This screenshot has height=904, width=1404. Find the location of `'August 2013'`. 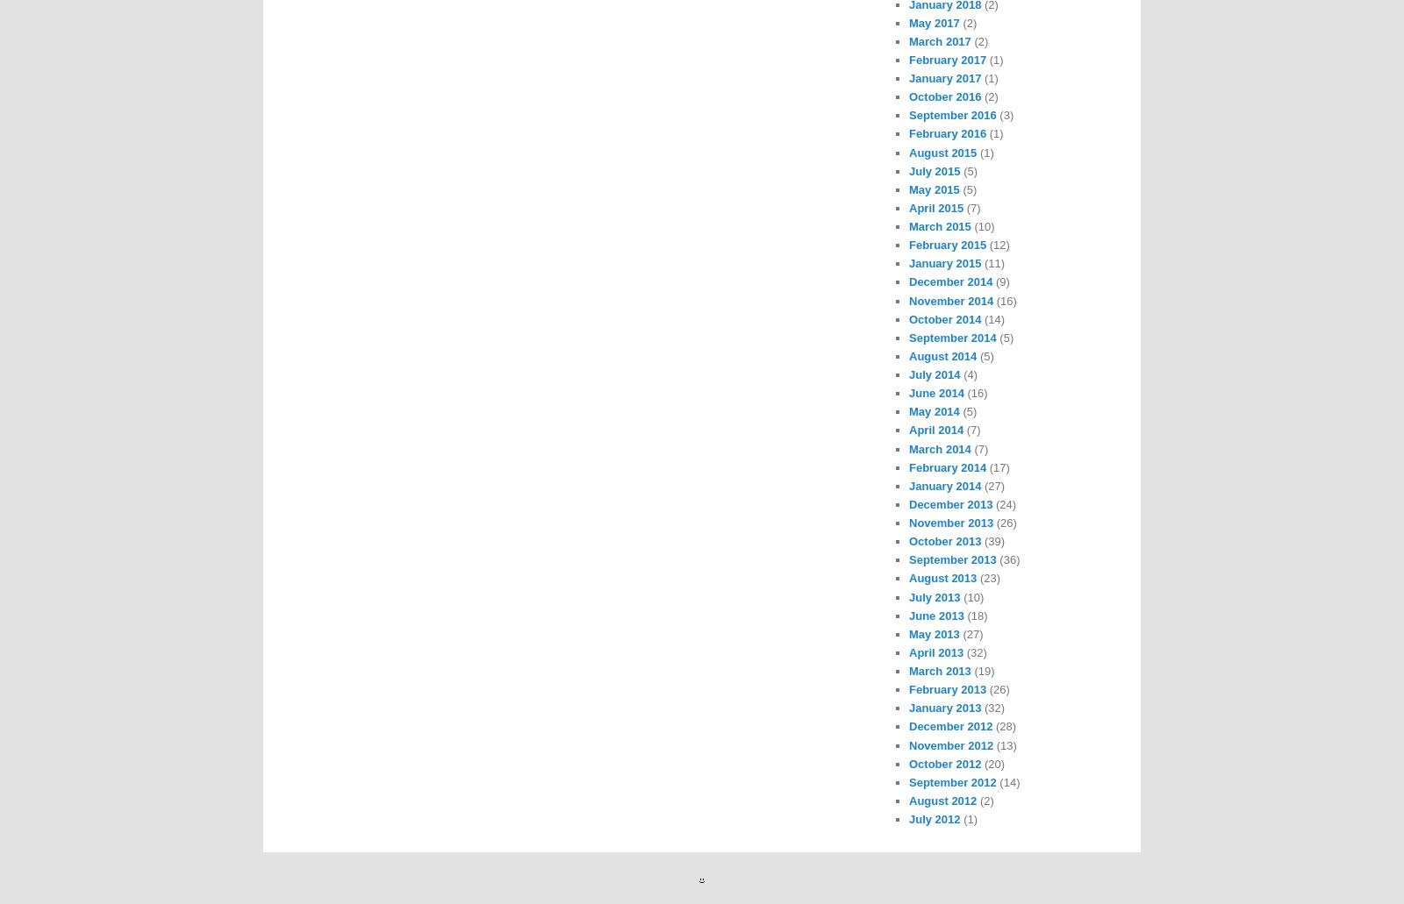

'August 2013' is located at coordinates (942, 578).